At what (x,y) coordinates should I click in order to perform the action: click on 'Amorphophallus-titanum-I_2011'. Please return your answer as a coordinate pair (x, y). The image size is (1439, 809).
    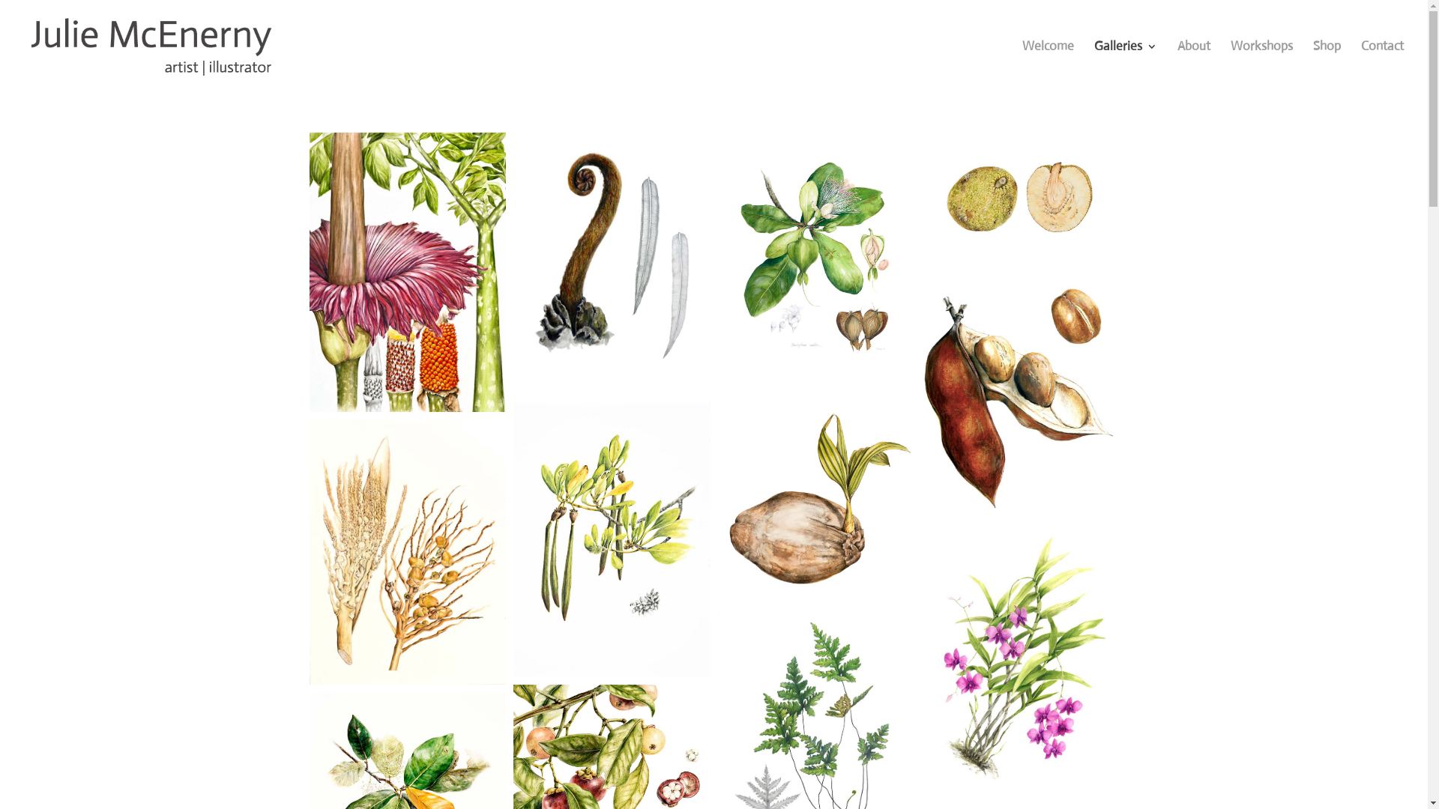
    Looking at the image, I should click on (308, 272).